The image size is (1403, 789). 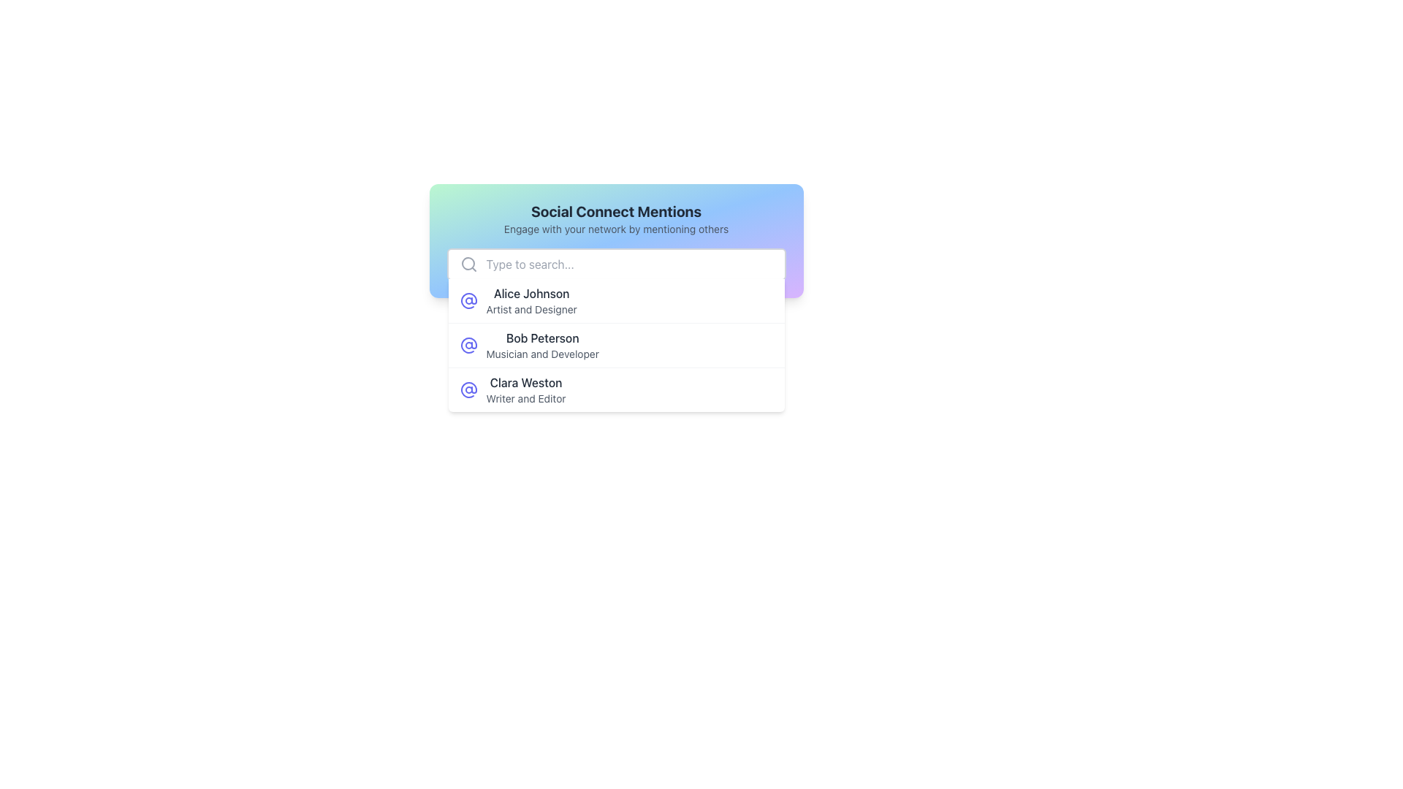 What do you see at coordinates (468, 264) in the screenshot?
I see `the circular part of the magnifying glass icon located in the upper-left corner of the input field, which represents the search function` at bounding box center [468, 264].